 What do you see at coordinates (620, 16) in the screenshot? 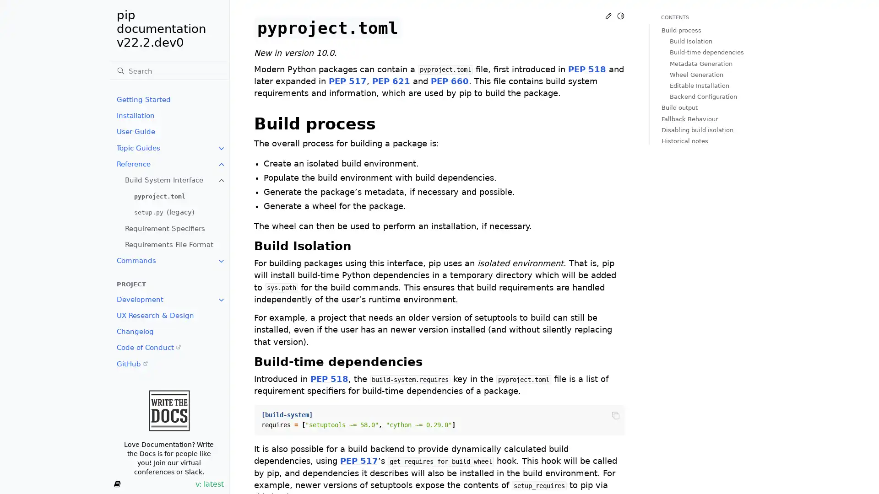
I see `Toggle Light / Dark / Auto color theme` at bounding box center [620, 16].